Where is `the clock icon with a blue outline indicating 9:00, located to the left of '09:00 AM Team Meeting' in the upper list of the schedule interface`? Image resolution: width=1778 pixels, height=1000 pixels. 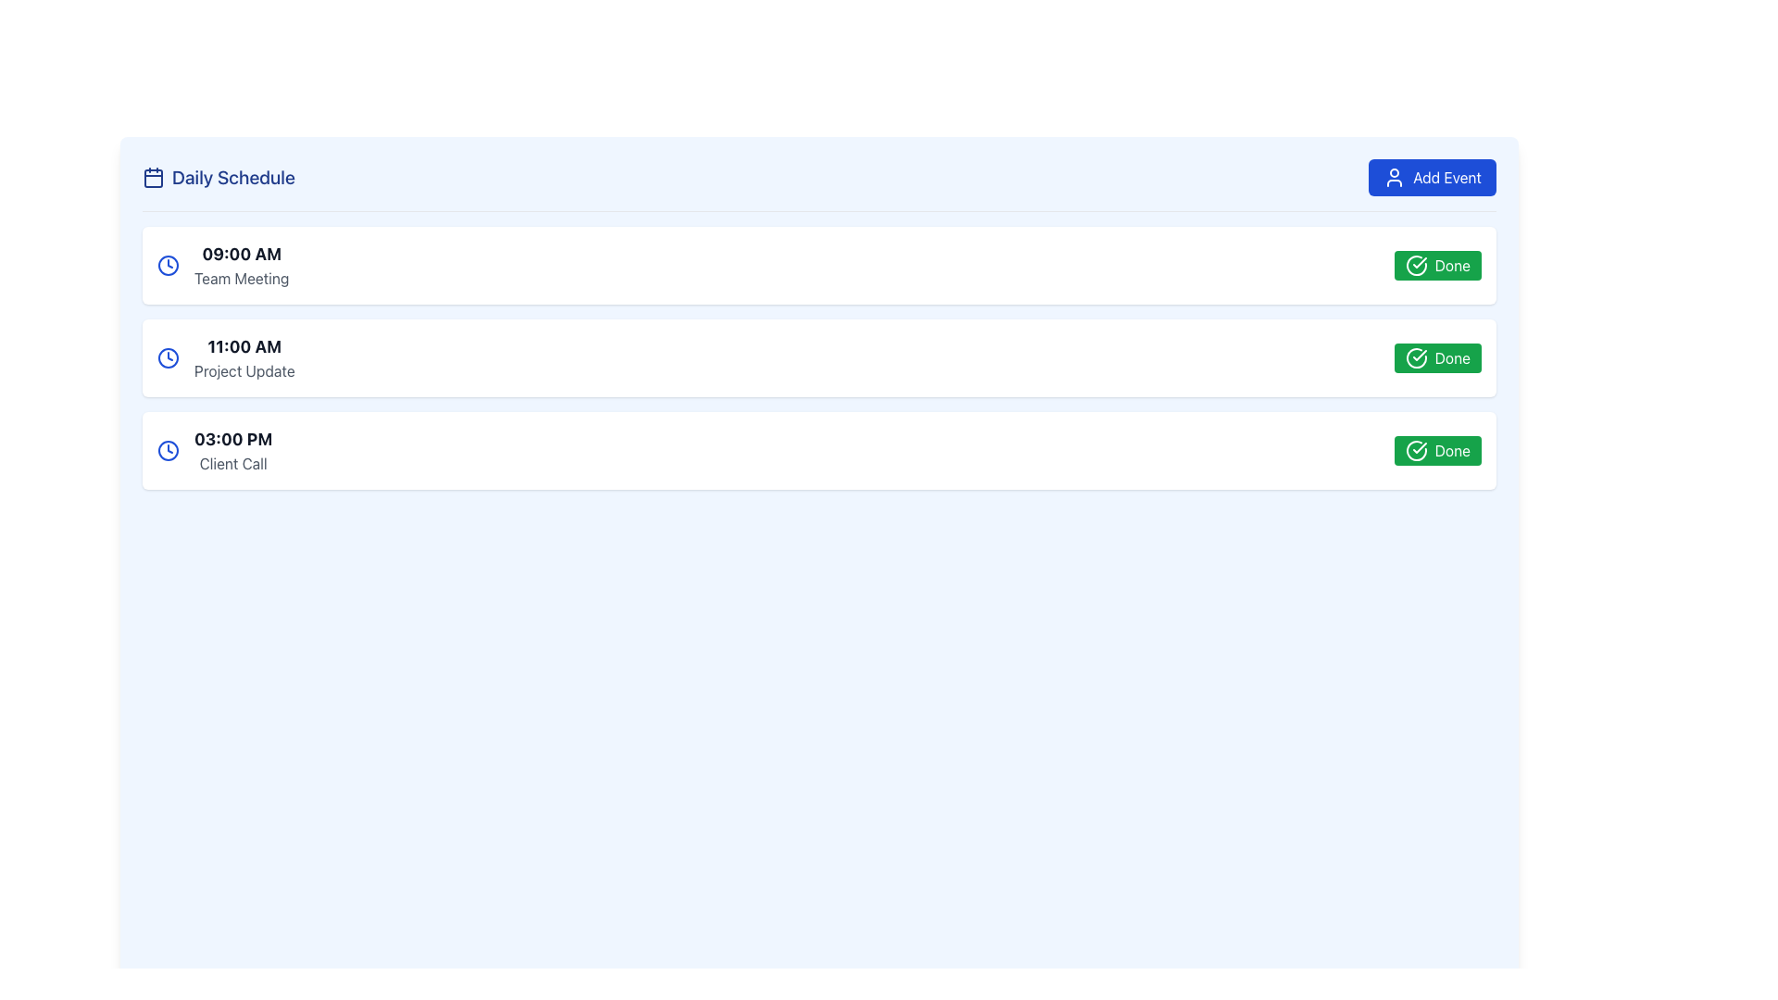
the clock icon with a blue outline indicating 9:00, located to the left of '09:00 AM Team Meeting' in the upper list of the schedule interface is located at coordinates (169, 265).